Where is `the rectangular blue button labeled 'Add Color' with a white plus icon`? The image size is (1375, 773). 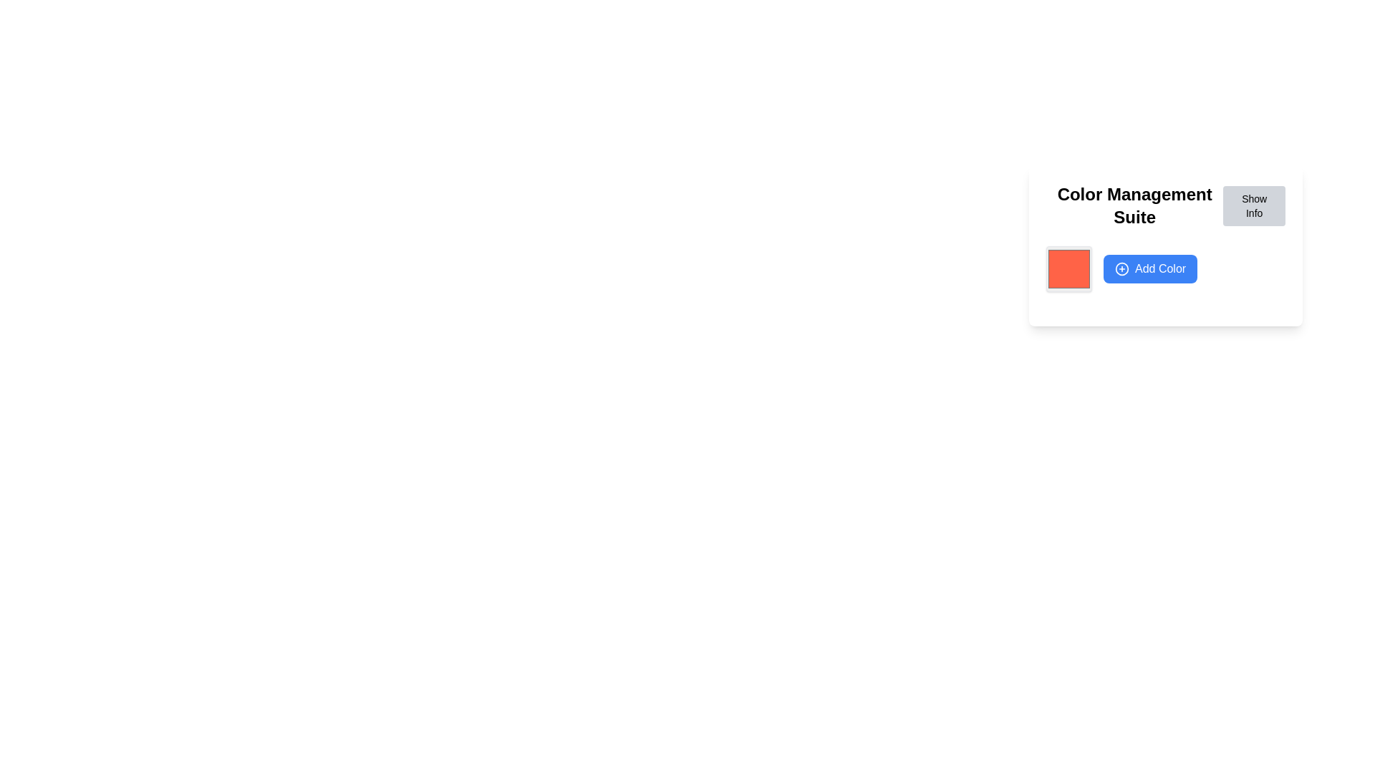
the rectangular blue button labeled 'Add Color' with a white plus icon is located at coordinates (1150, 268).